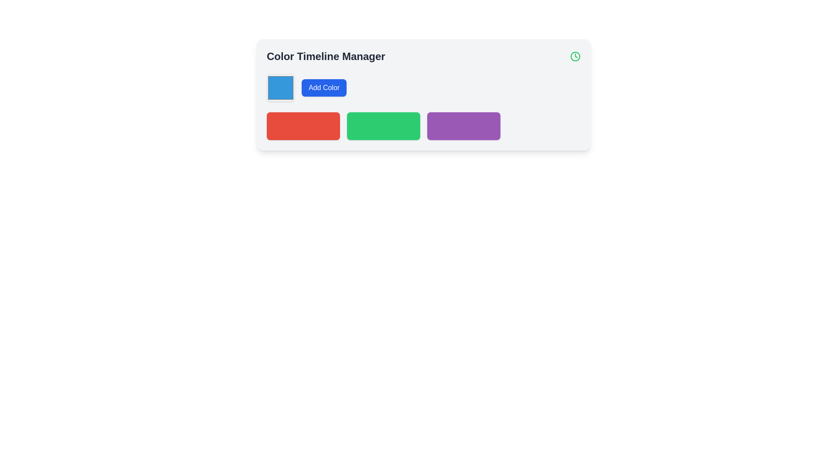  I want to click on the grid layout element representing the visual color timeline in the 'Color Timeline Manager', so click(423, 126).